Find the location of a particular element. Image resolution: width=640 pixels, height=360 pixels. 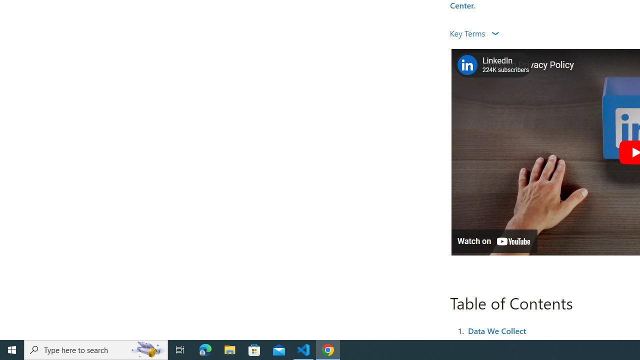

'Data We Collect' is located at coordinates (496, 330).